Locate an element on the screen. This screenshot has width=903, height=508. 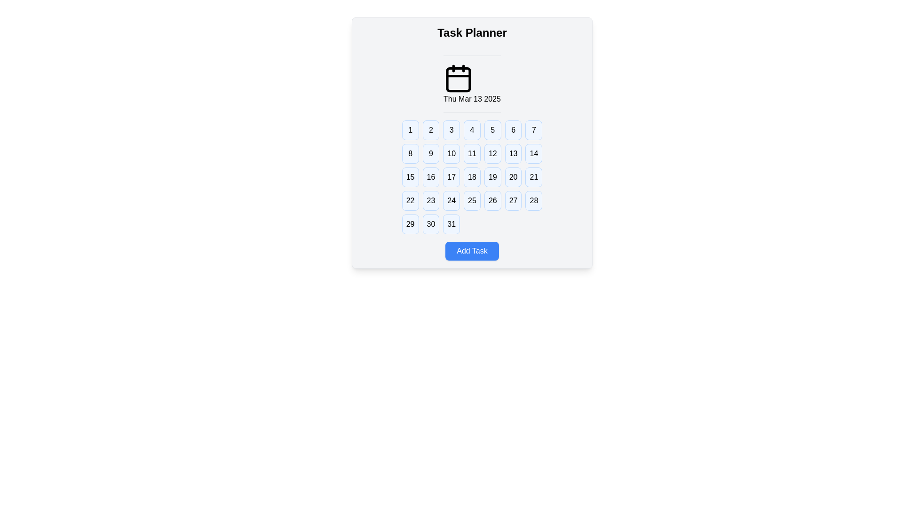
the fourth day of the month in the interactive calendar interface to trigger hover effects is located at coordinates (472, 130).